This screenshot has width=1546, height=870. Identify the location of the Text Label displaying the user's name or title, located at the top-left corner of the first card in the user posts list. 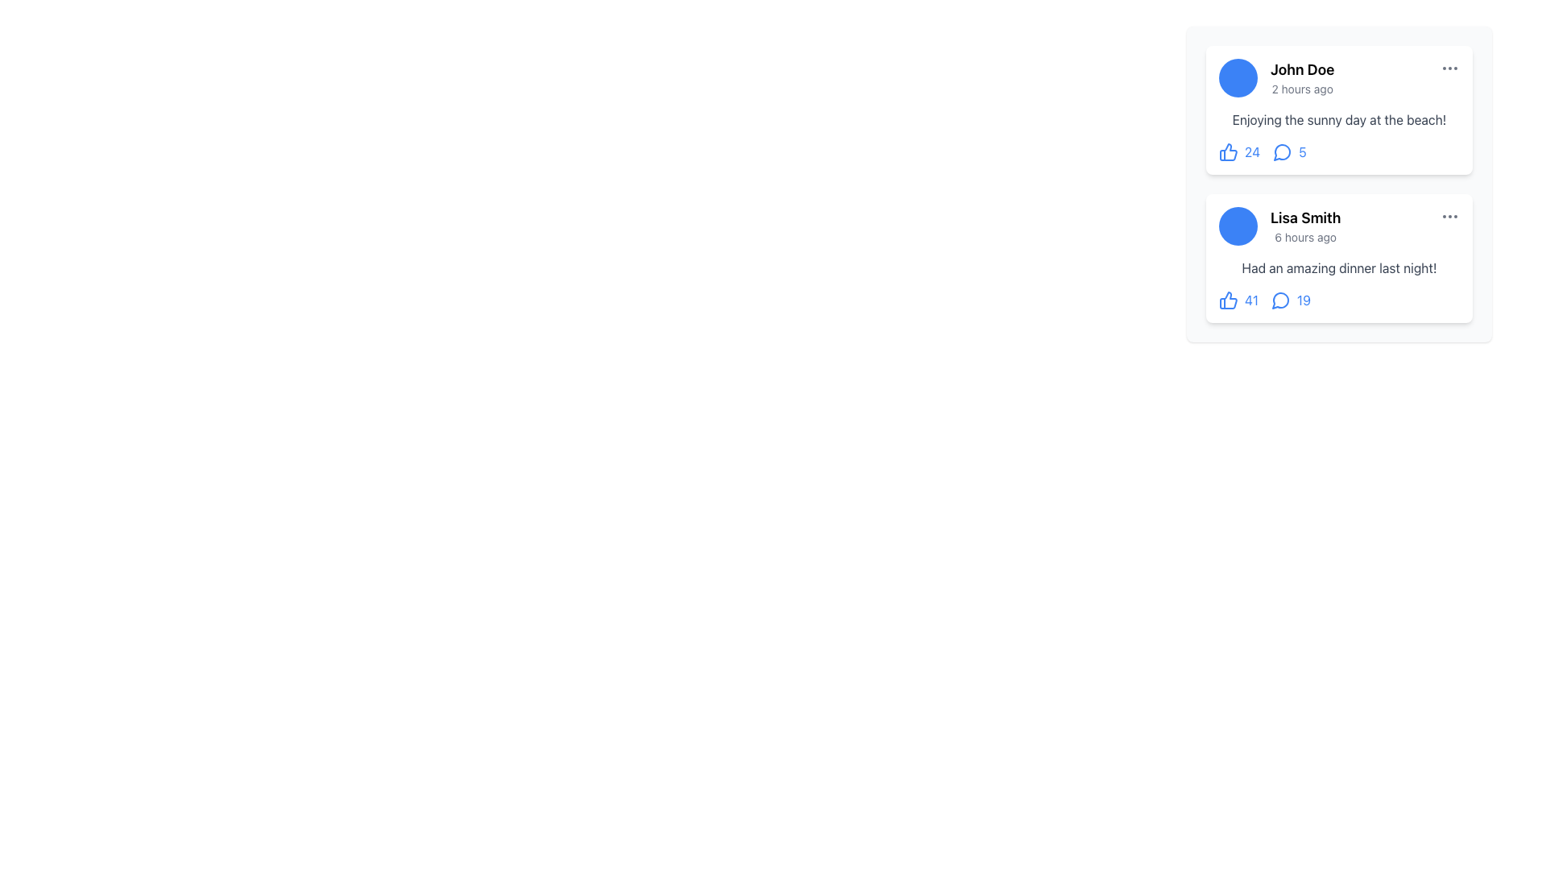
(1302, 69).